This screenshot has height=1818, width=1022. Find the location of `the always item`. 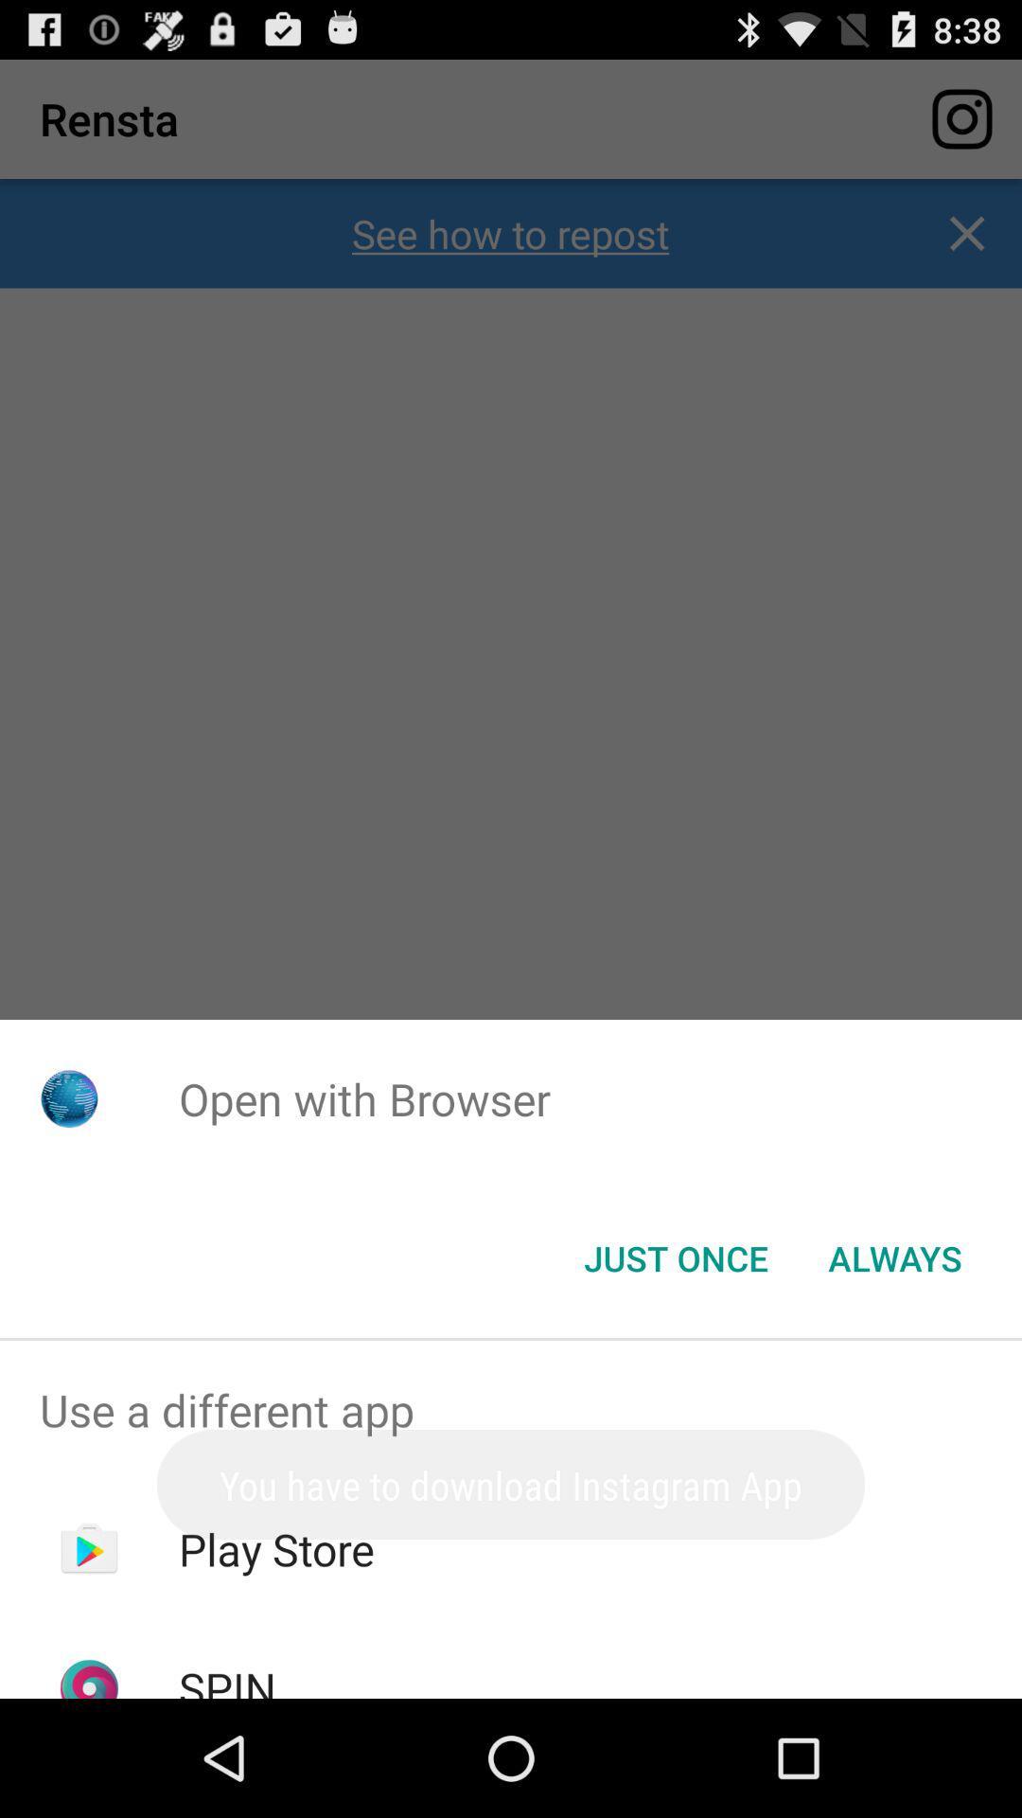

the always item is located at coordinates (894, 1258).